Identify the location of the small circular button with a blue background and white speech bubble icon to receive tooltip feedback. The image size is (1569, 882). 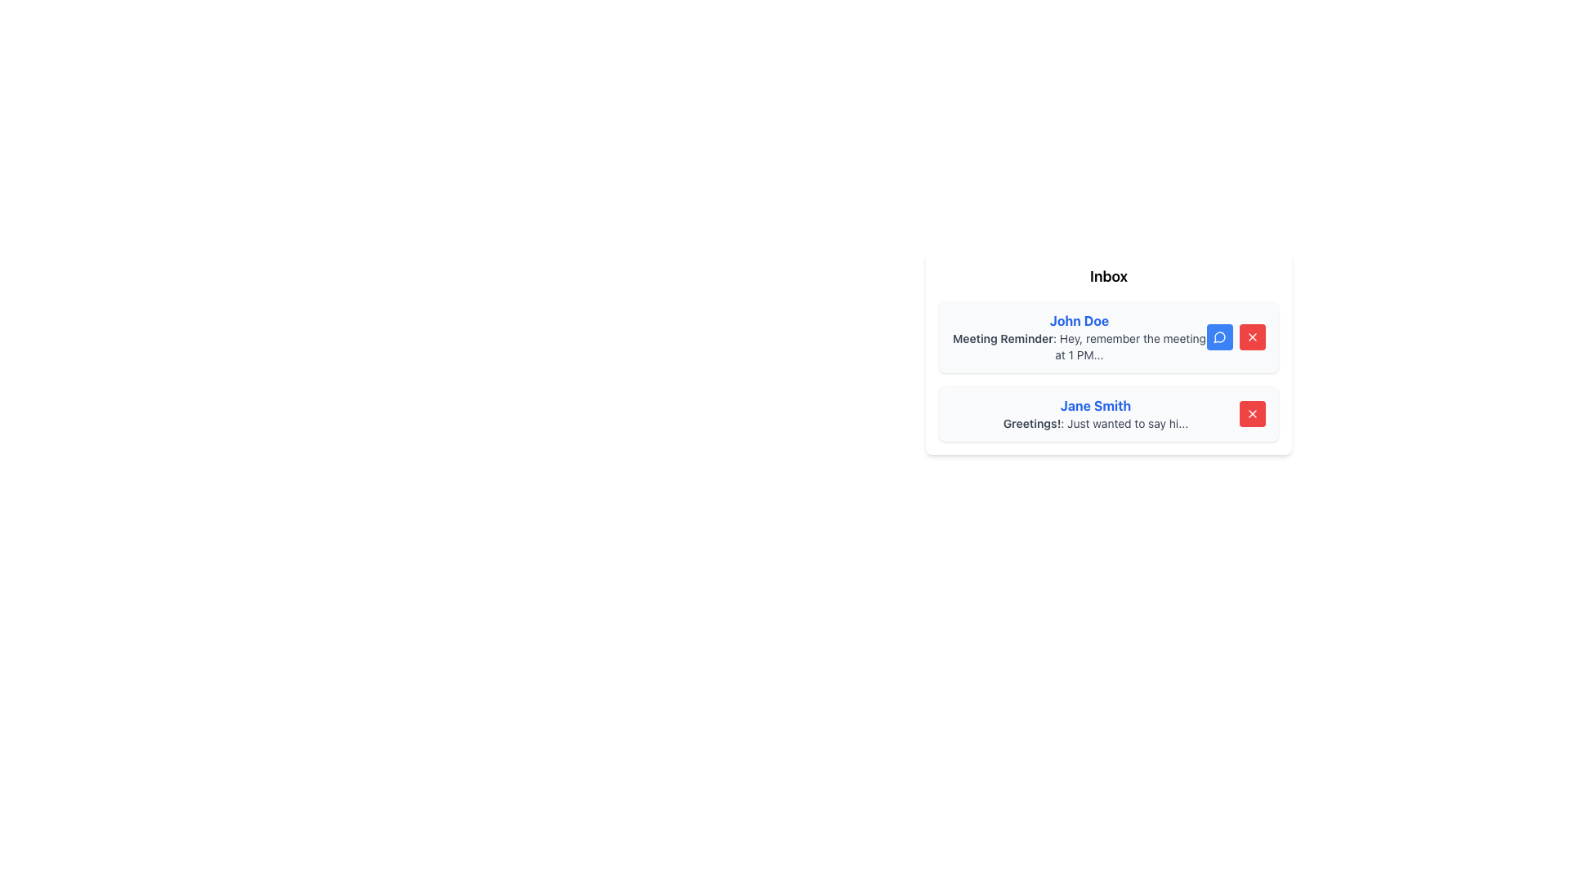
(1219, 336).